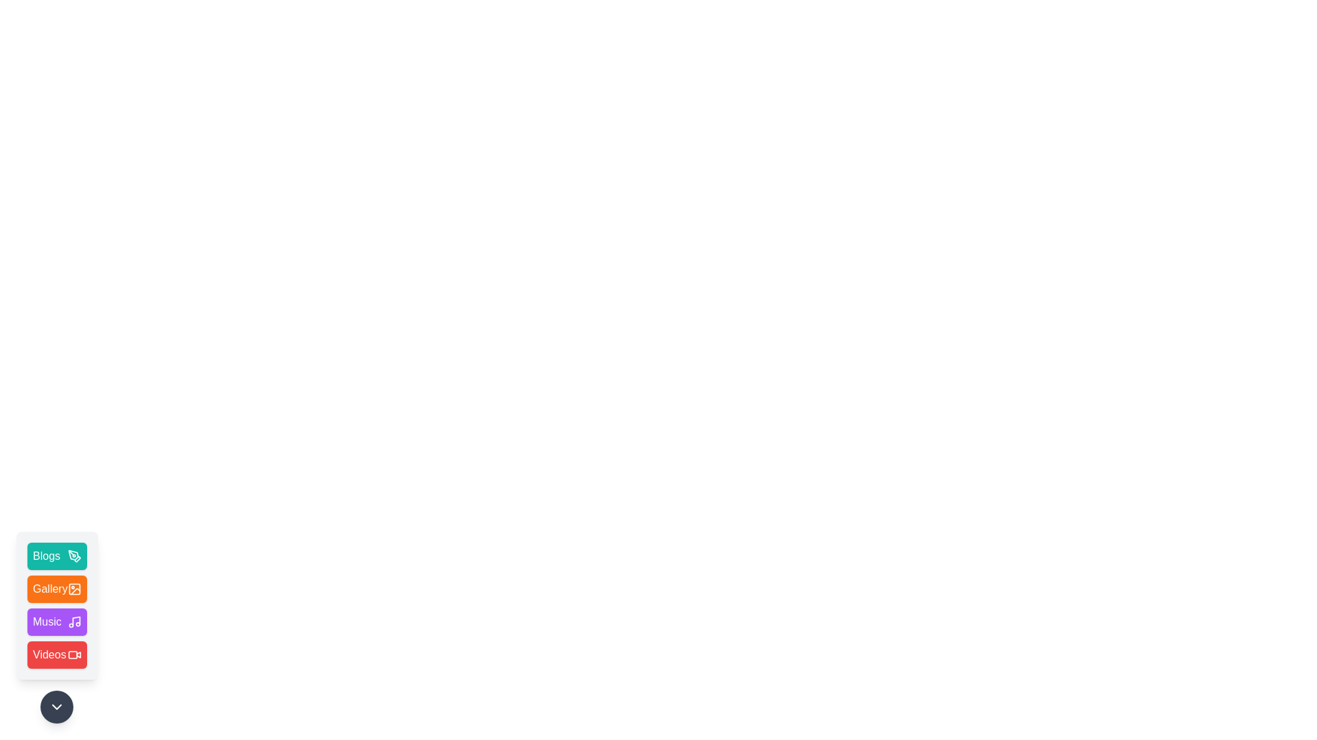  What do you see at coordinates (56, 621) in the screenshot?
I see `the Music menu item to interact with it` at bounding box center [56, 621].